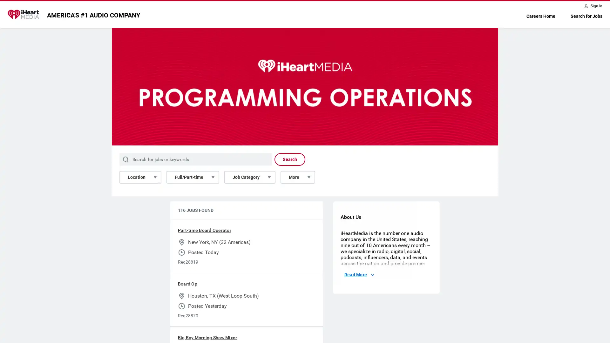  Describe the element at coordinates (586, 16) in the screenshot. I see `Search for Jobs` at that location.